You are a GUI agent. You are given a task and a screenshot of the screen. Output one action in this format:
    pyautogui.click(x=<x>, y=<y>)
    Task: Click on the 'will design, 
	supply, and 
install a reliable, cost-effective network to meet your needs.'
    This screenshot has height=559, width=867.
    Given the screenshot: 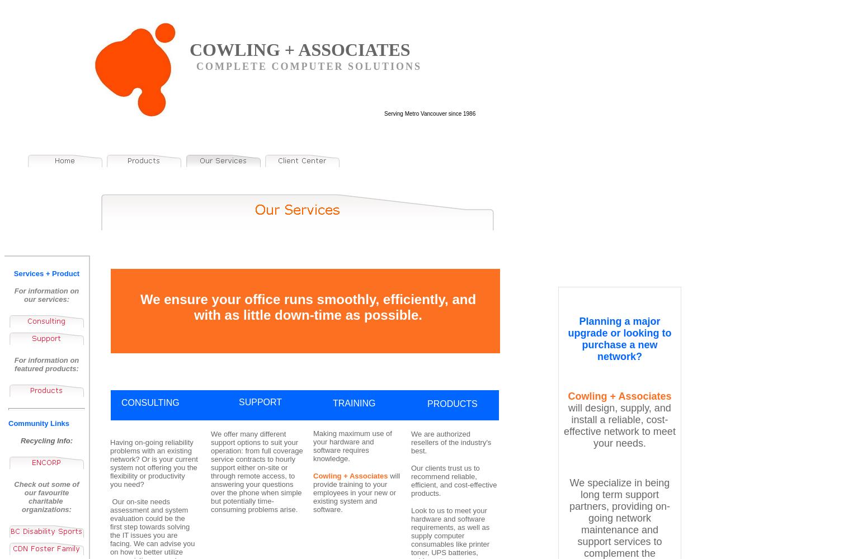 What is the action you would take?
    pyautogui.click(x=619, y=425)
    